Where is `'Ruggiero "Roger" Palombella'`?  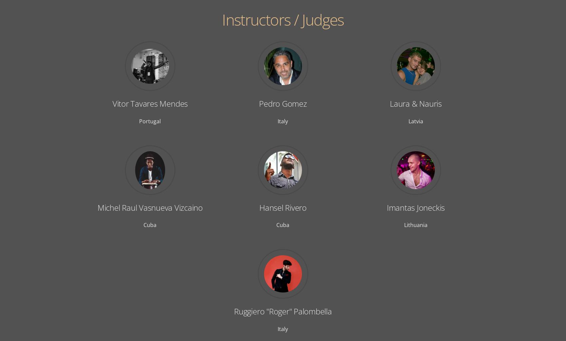
'Ruggiero "Roger" Palombella' is located at coordinates (234, 311).